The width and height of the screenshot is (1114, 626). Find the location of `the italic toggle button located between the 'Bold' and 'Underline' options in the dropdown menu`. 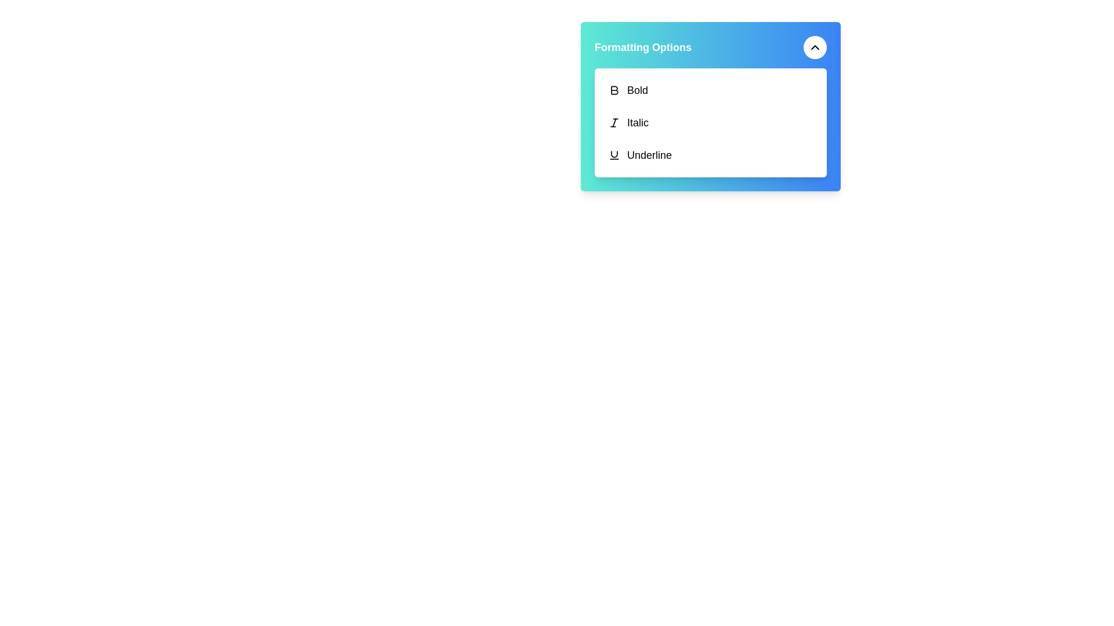

the italic toggle button located between the 'Bold' and 'Underline' options in the dropdown menu is located at coordinates (710, 123).